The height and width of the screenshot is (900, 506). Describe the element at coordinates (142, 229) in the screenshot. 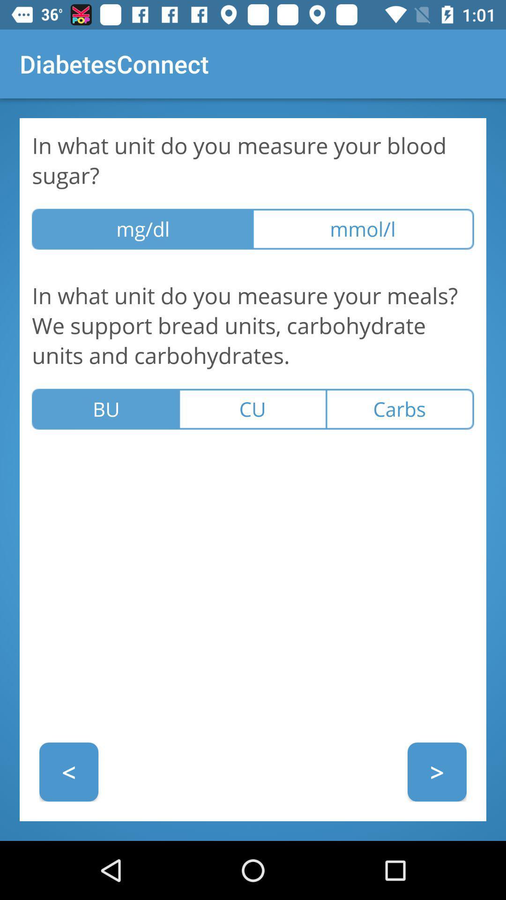

I see `icon next to the mmol/l item` at that location.